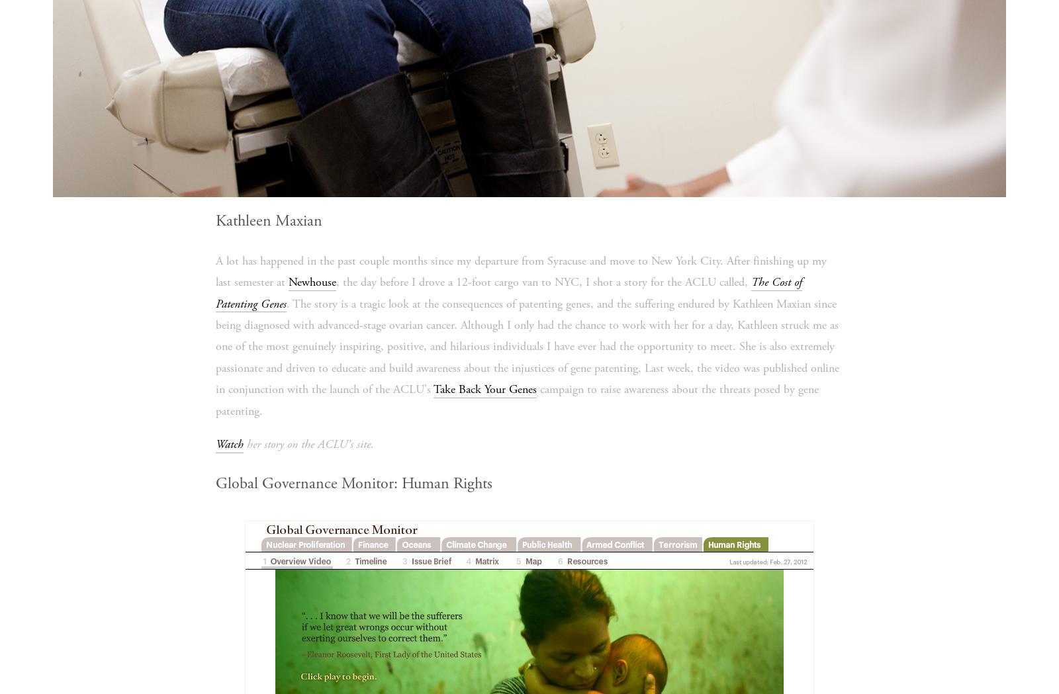 This screenshot has height=694, width=1059. Describe the element at coordinates (214, 345) in the screenshot. I see `'. The story is a tragic look at the consequences of patenting genes, and the suffering endured by Kathleen Maxian since being diagnosed with advanced-stage ovarian cancer. Although I only had the chance to work with her for a day, Kathleen struck me as one of the most genuinely inspiring, positive, and hilarious individuals I have ever had the opportunity to meet. She is also extremely passionate and driven to educate and build awareness about the injustices of gene patenting. Last week, the video was published online in conjunction with the launch of the ACLU's'` at that location.